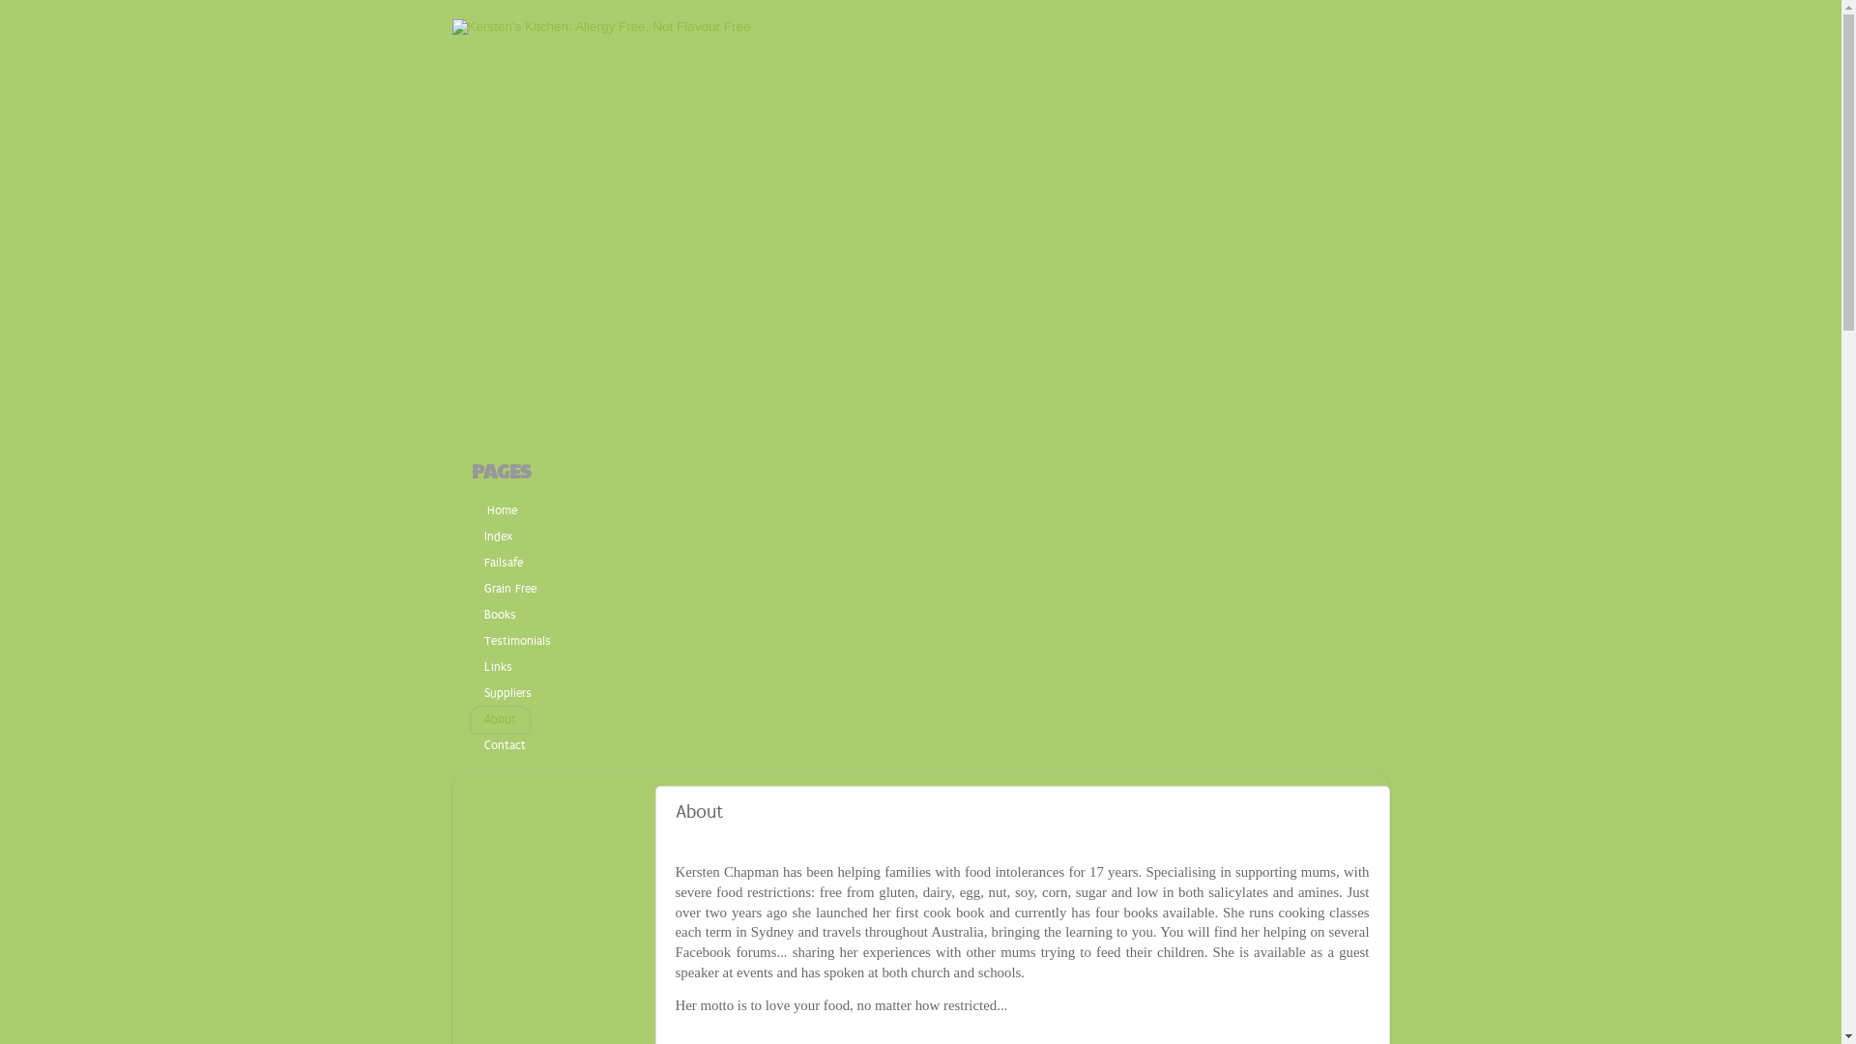 The width and height of the screenshot is (1856, 1044). I want to click on 'Books', so click(501, 614).